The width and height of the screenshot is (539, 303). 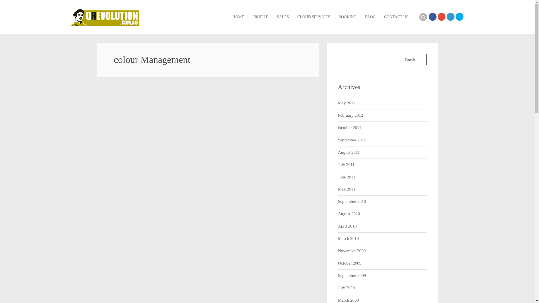 I want to click on 'November 2009', so click(x=351, y=251).